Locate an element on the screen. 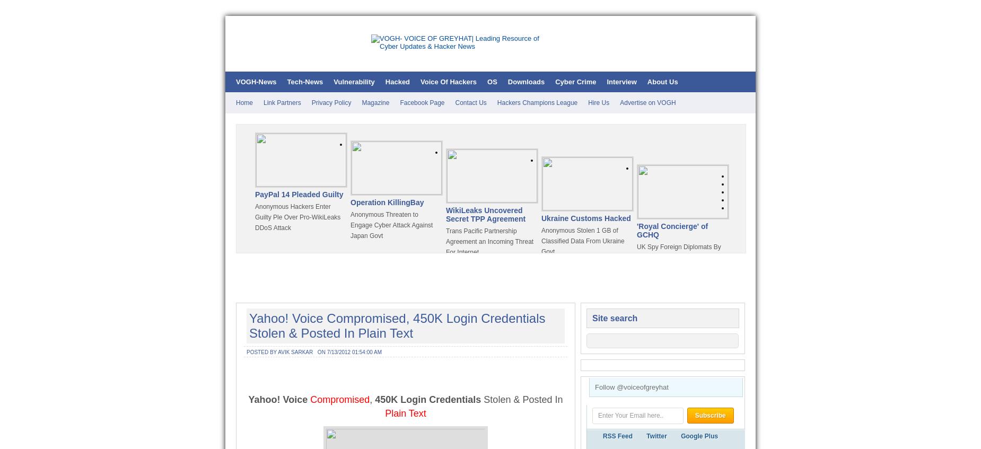 Image resolution: width=981 pixels, height=449 pixels. '10 Years Imprisonment For Hammond' is located at coordinates (295, 341).